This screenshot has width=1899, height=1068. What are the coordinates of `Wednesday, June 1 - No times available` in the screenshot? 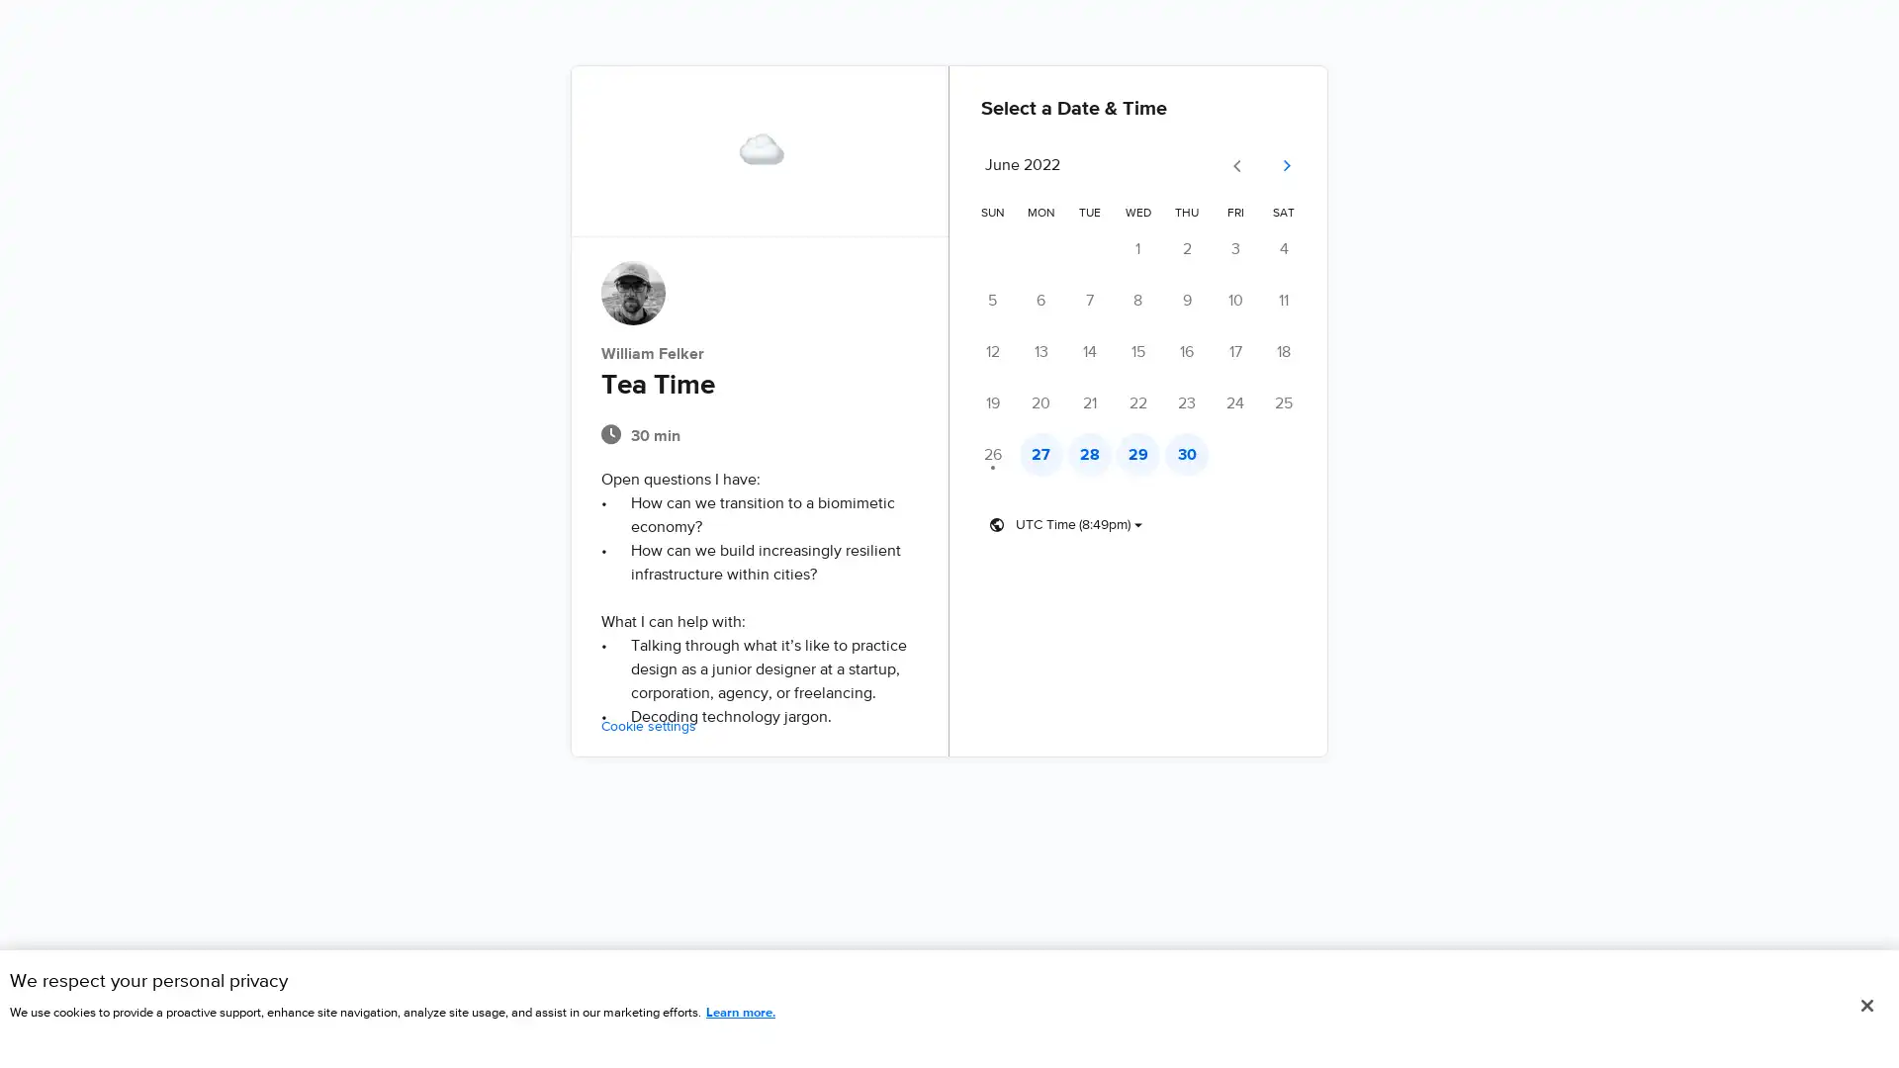 It's located at (1145, 247).